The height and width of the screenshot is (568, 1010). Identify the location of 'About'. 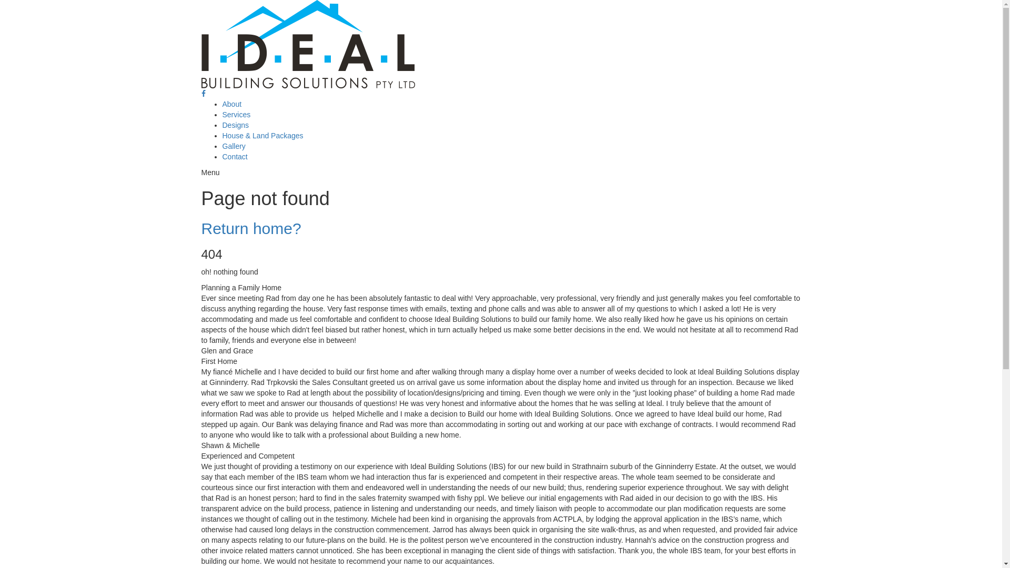
(231, 104).